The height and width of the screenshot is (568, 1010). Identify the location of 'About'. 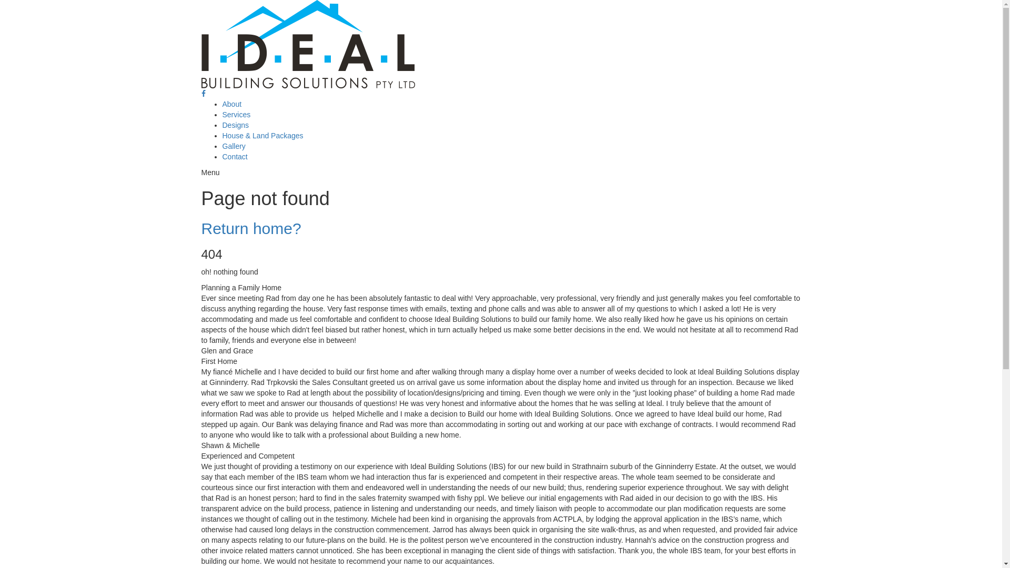
(231, 104).